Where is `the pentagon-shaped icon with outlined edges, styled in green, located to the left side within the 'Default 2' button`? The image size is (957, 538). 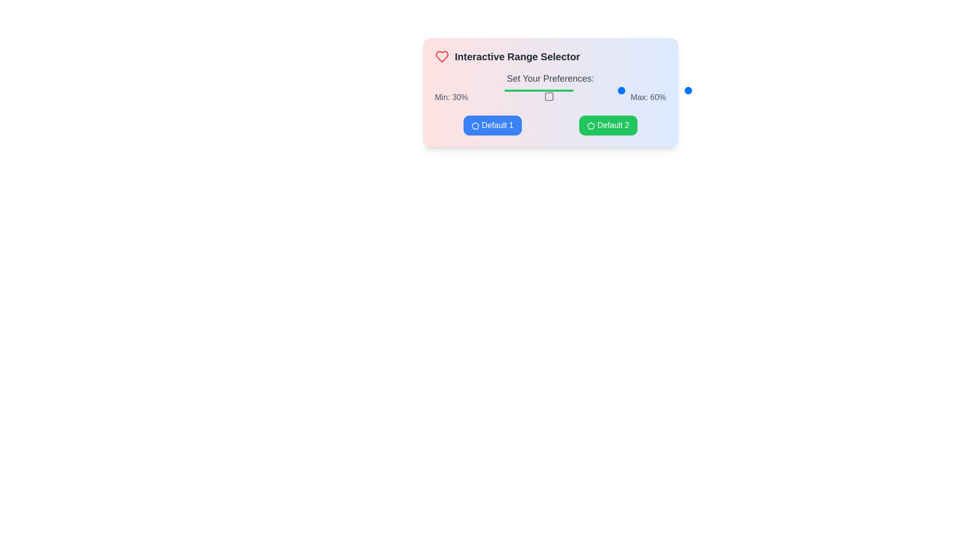 the pentagon-shaped icon with outlined edges, styled in green, located to the left side within the 'Default 2' button is located at coordinates (591, 125).